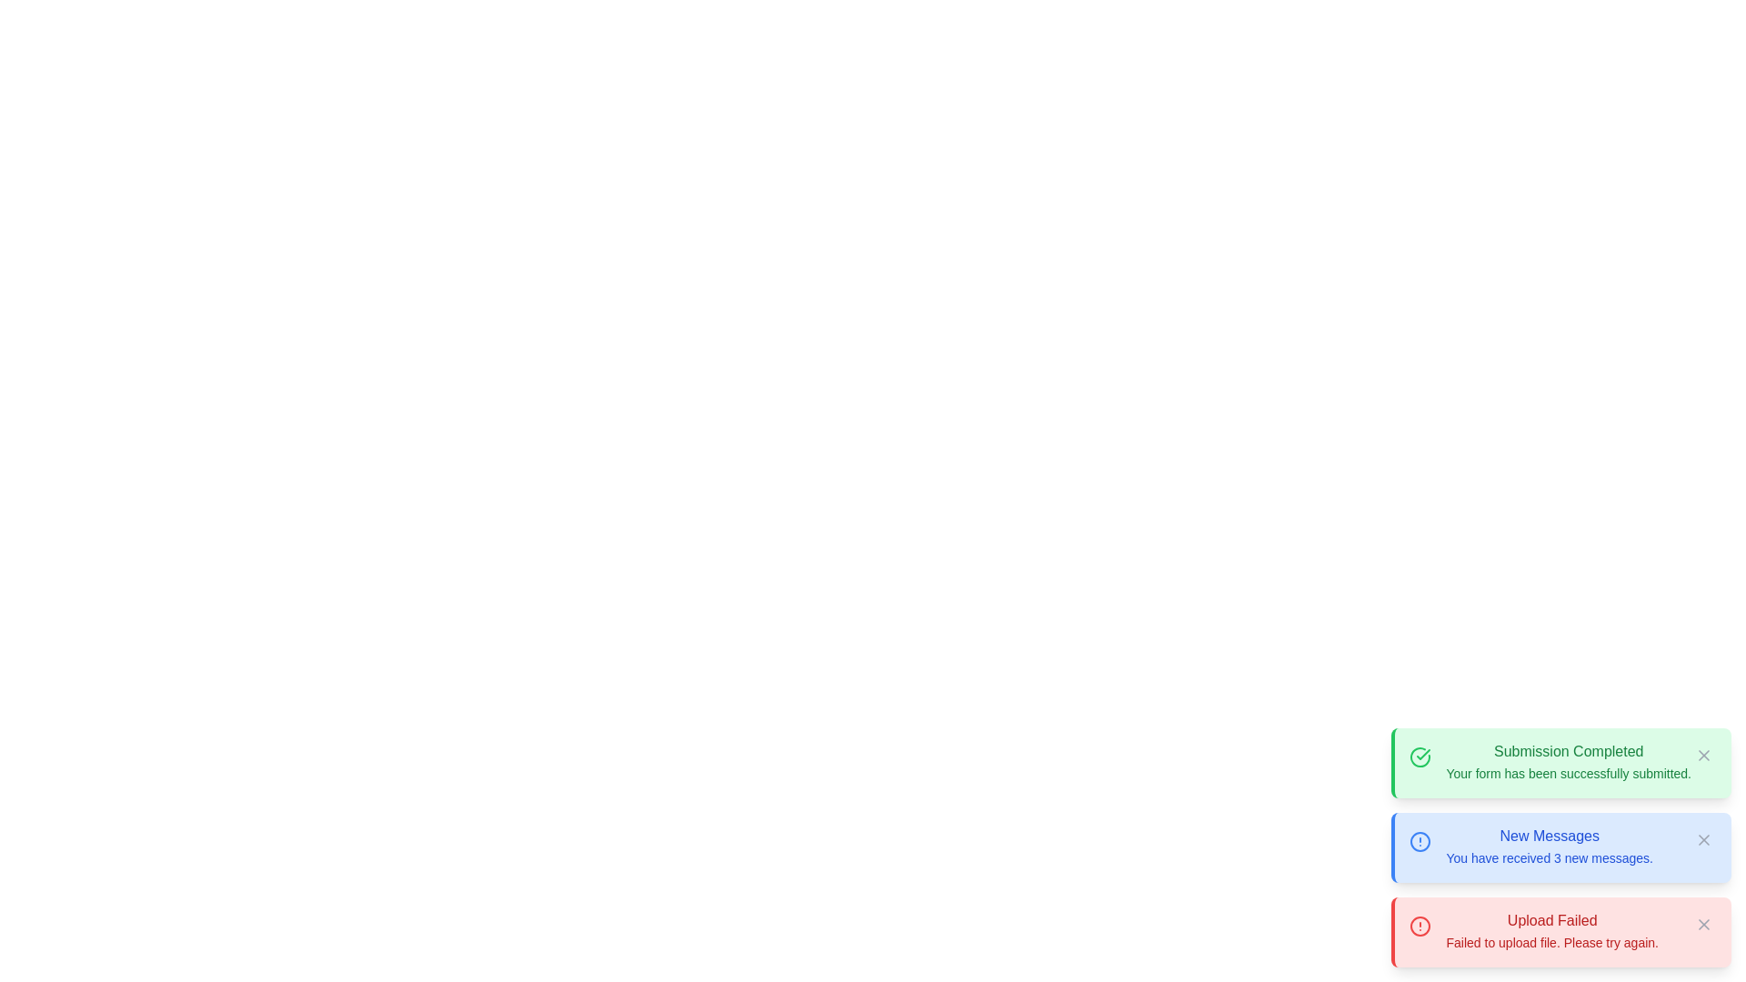 The width and height of the screenshot is (1746, 982). I want to click on the Notification banner that displays 'Upload Failed' with red styling, located in the bottom-most notification card on the lower right corner of the interface, so click(1551, 932).